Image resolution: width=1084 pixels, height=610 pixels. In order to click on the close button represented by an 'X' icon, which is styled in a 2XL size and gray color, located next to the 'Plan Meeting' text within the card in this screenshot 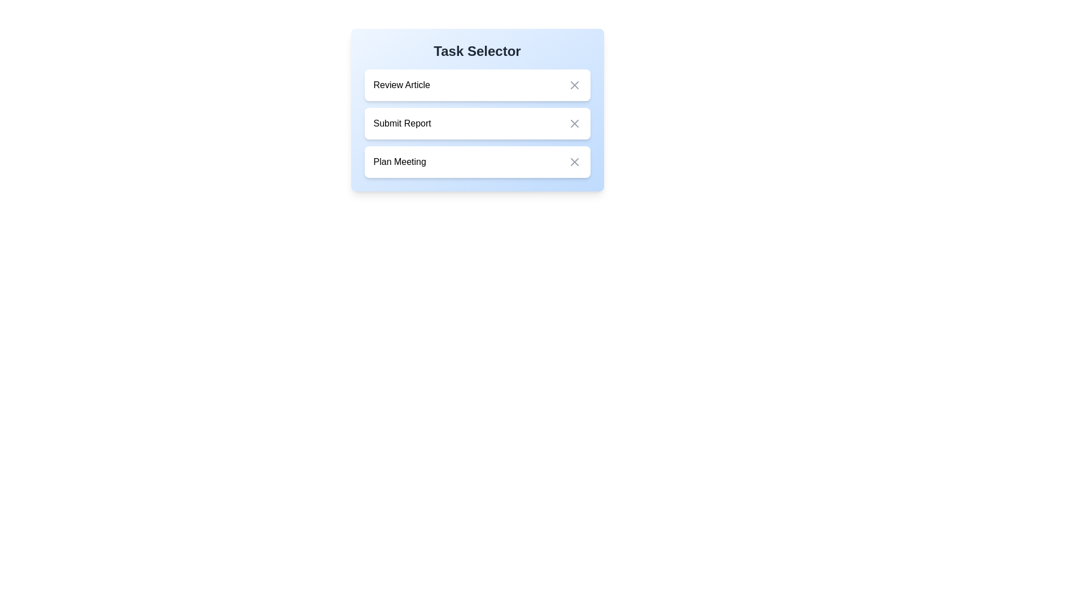, I will do `click(574, 162)`.